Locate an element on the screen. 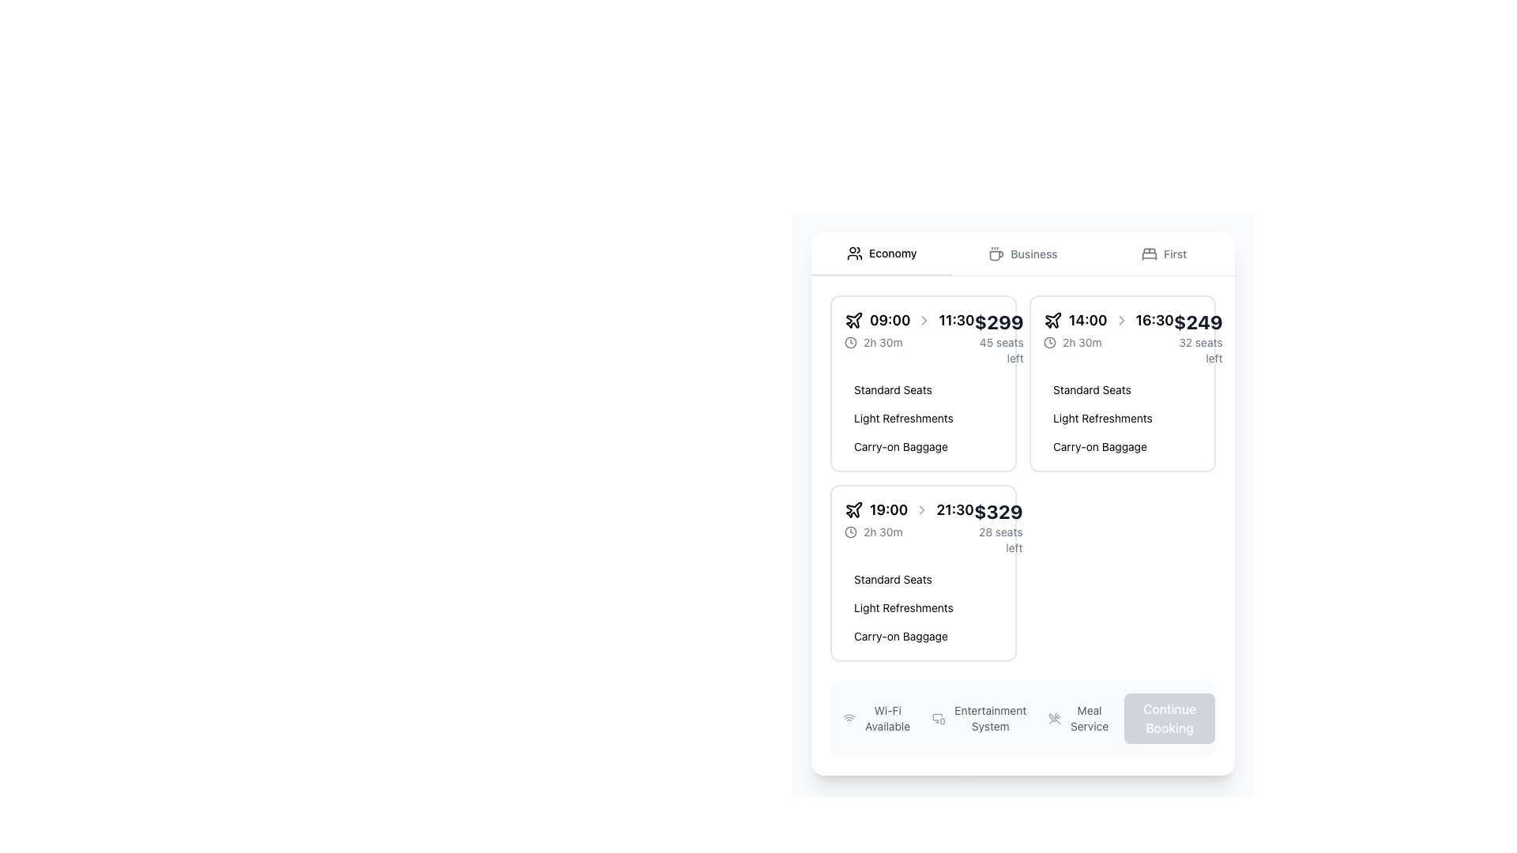 The image size is (1517, 853). the group of text labels styled as badges or tags that includes 'Standard Seats', 'Light Refreshments', and 'Carry-on Baggage', located at the bottom-right section of the card is located at coordinates (1121, 417).